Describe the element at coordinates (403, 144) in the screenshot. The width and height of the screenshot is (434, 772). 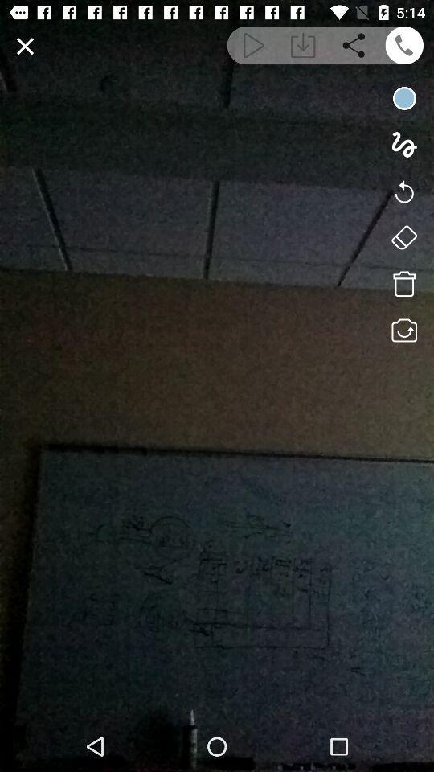
I see `free draw` at that location.